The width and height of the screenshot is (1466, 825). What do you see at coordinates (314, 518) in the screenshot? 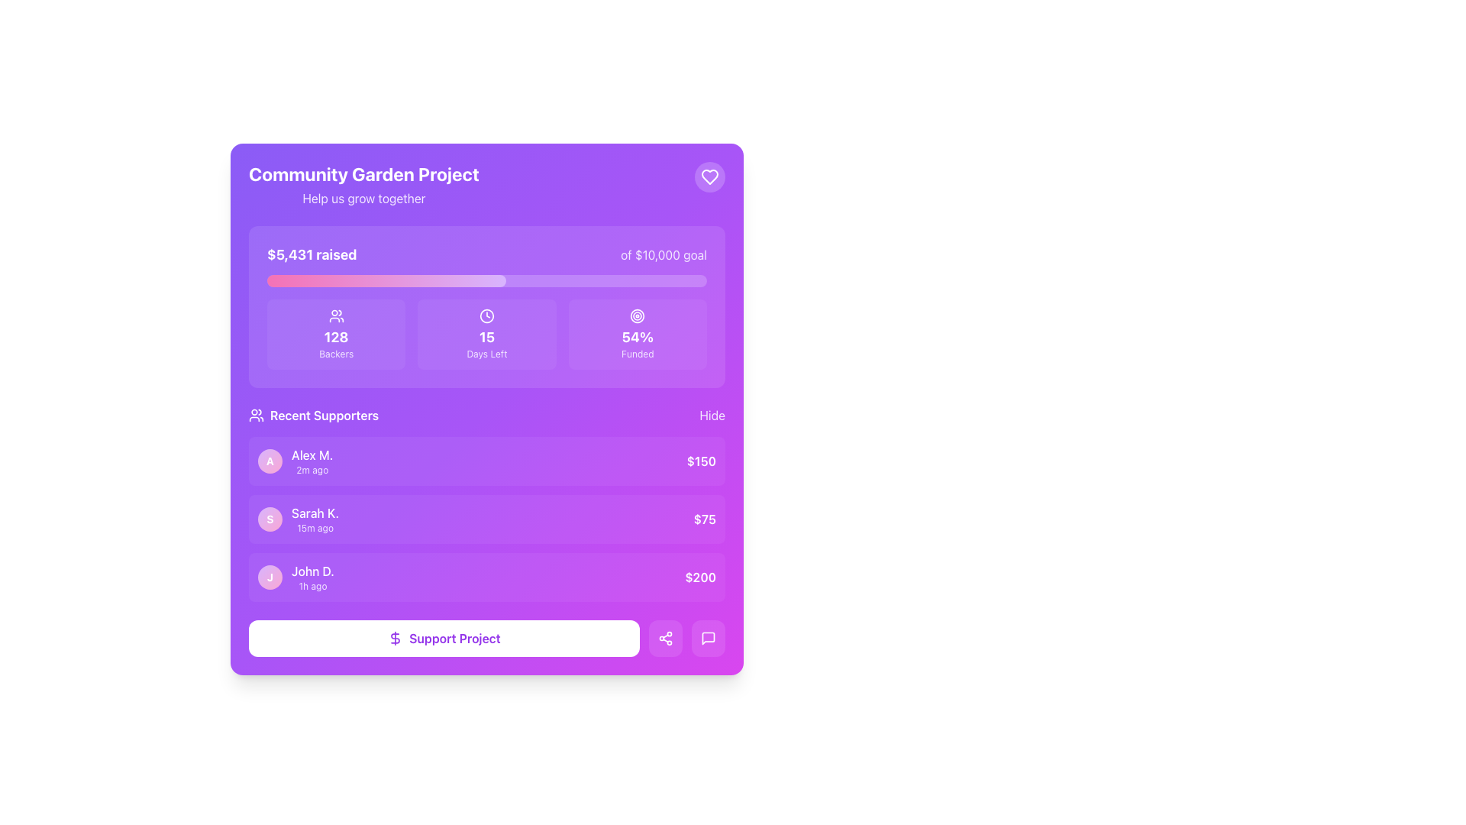
I see `the text label displaying 'Sarah K.' in the second row of the 'Recent Supporters' section, located to the right of the avatar with 'S'` at bounding box center [314, 518].